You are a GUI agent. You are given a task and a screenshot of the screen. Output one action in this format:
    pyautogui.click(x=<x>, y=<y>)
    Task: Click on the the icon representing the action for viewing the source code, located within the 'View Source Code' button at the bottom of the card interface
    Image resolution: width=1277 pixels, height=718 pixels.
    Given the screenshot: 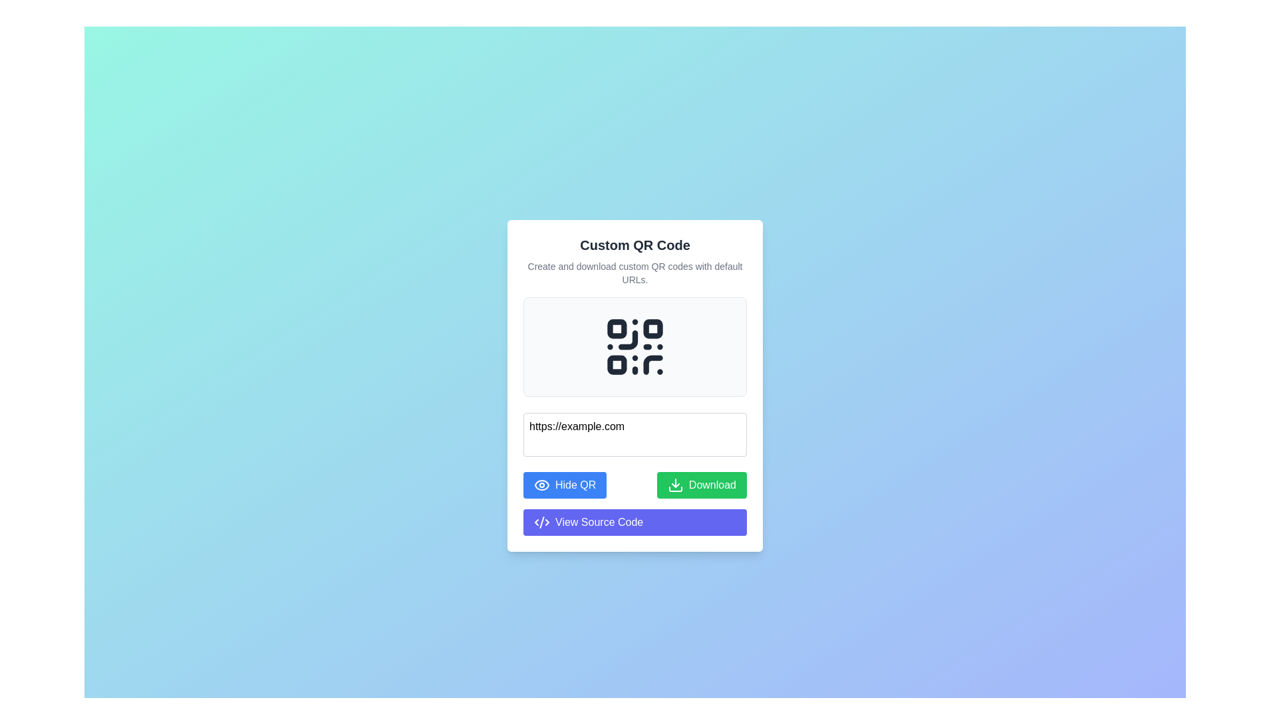 What is the action you would take?
    pyautogui.click(x=542, y=521)
    